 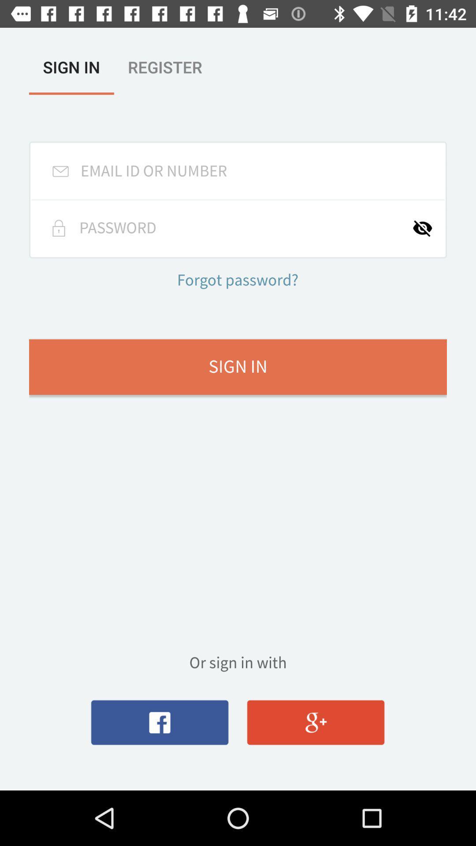 I want to click on icon above sign in icon, so click(x=428, y=228).